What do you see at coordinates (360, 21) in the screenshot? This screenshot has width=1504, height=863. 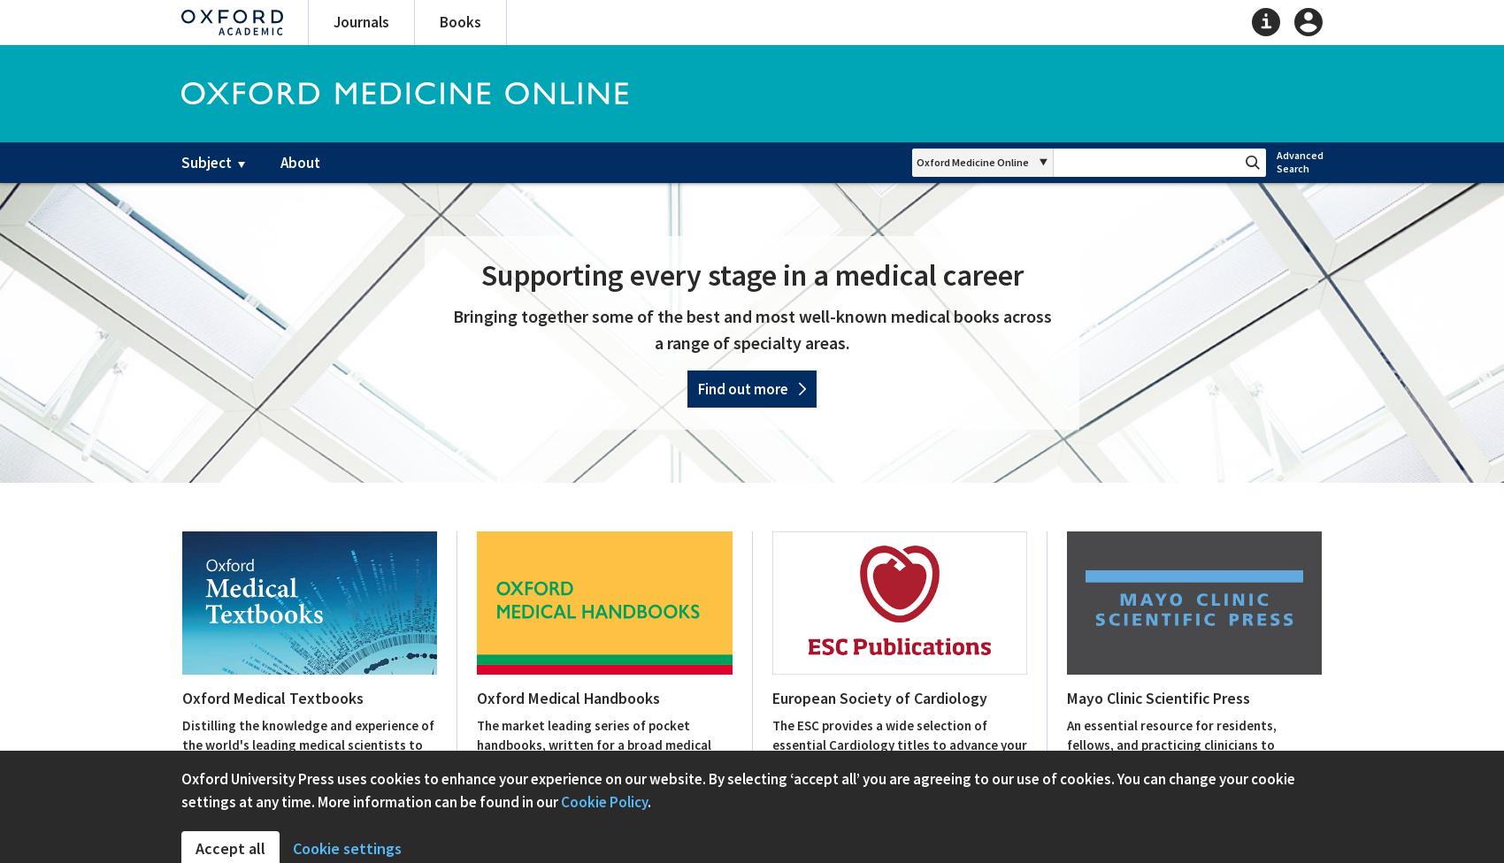 I see `'Journals'` at bounding box center [360, 21].